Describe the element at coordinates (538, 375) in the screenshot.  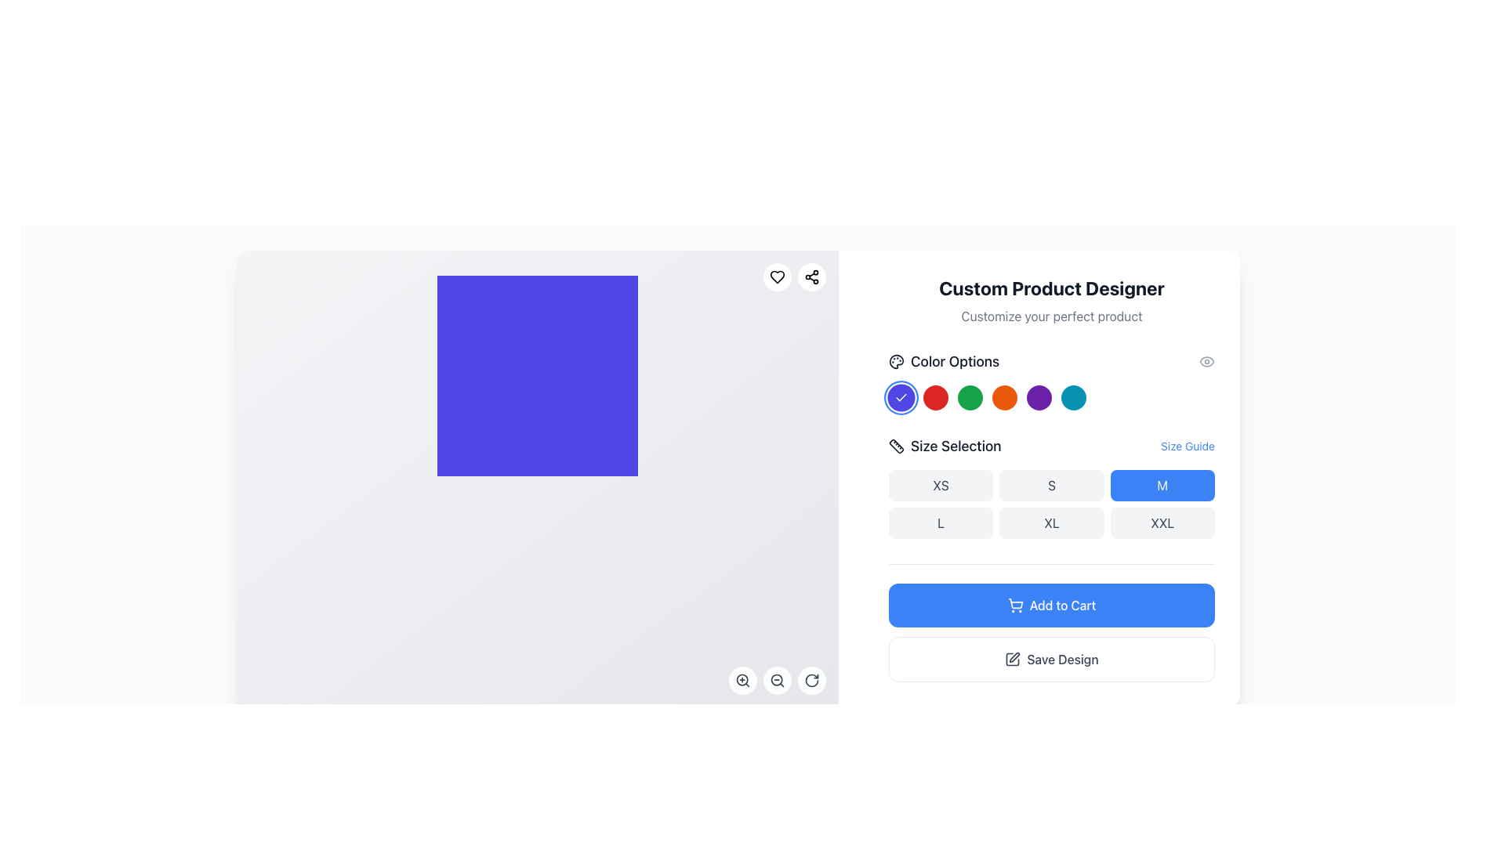
I see `the Decorative block or placeholder that serves as a display or visual aid in the middle of the left section of the interface` at that location.